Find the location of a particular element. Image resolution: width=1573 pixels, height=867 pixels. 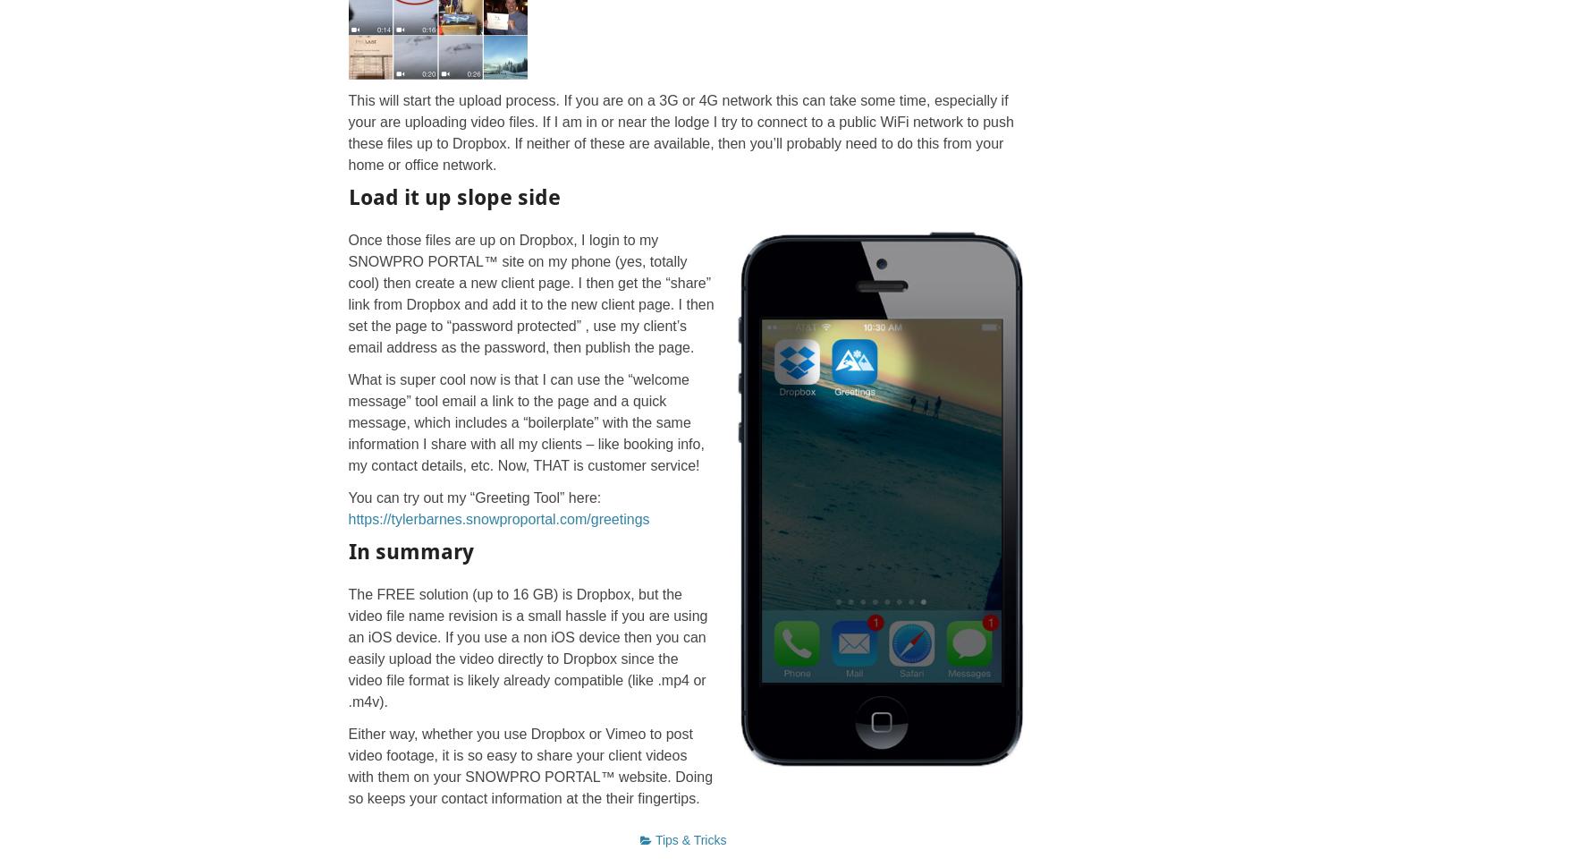

'The FREE solution (up to 16 GB) is Dropbox, but the video file name revision is a small hassle if you are using an iOS device. If you use a non iOS device then you can easily upload the video directly to Dropbox since the video file format is likely already compatible (like .mp4 or .m4v).' is located at coordinates (526, 647).